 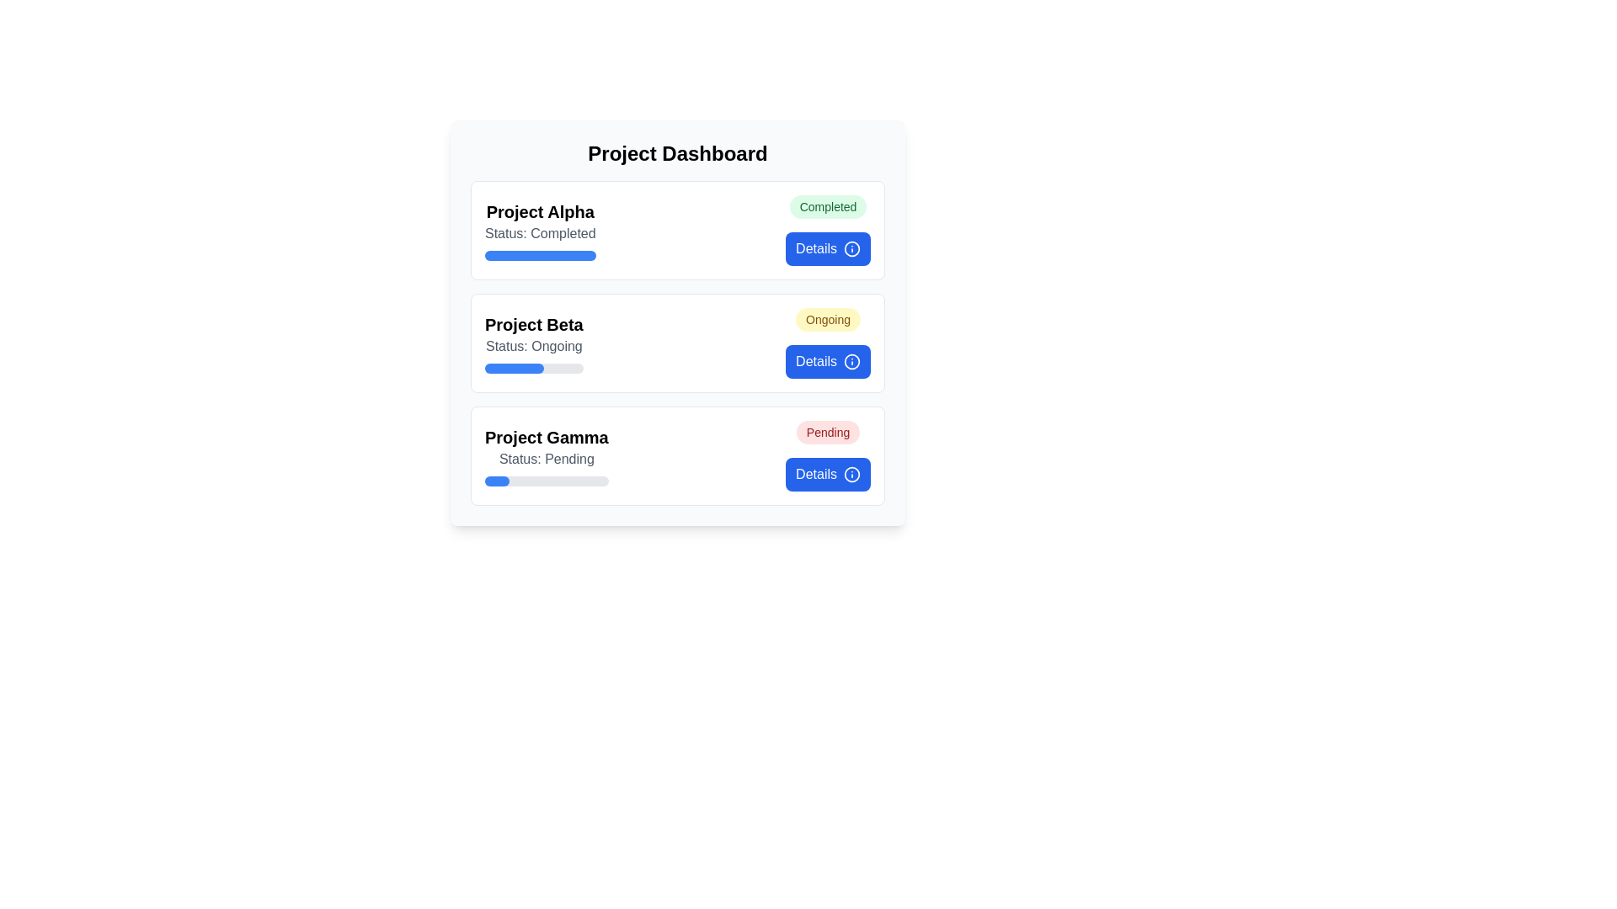 What do you see at coordinates (852, 474) in the screenshot?
I see `the graphical icon element within the 'Details' button associated with 'Project Gamma', located at the lower-right corner of the project information box` at bounding box center [852, 474].